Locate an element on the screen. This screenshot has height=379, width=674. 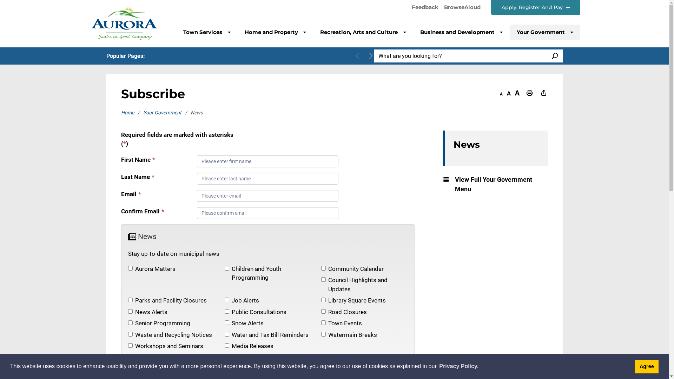
'Print This Page' is located at coordinates (529, 93).